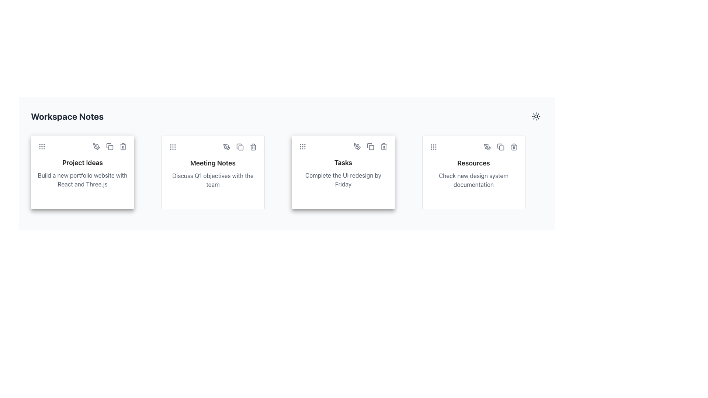 This screenshot has height=398, width=708. Describe the element at coordinates (500, 147) in the screenshot. I see `the 'Copy' button located as the third icon in the top section of the 'Resources' card, positioned to the far right of the visibility and delete icons` at that location.